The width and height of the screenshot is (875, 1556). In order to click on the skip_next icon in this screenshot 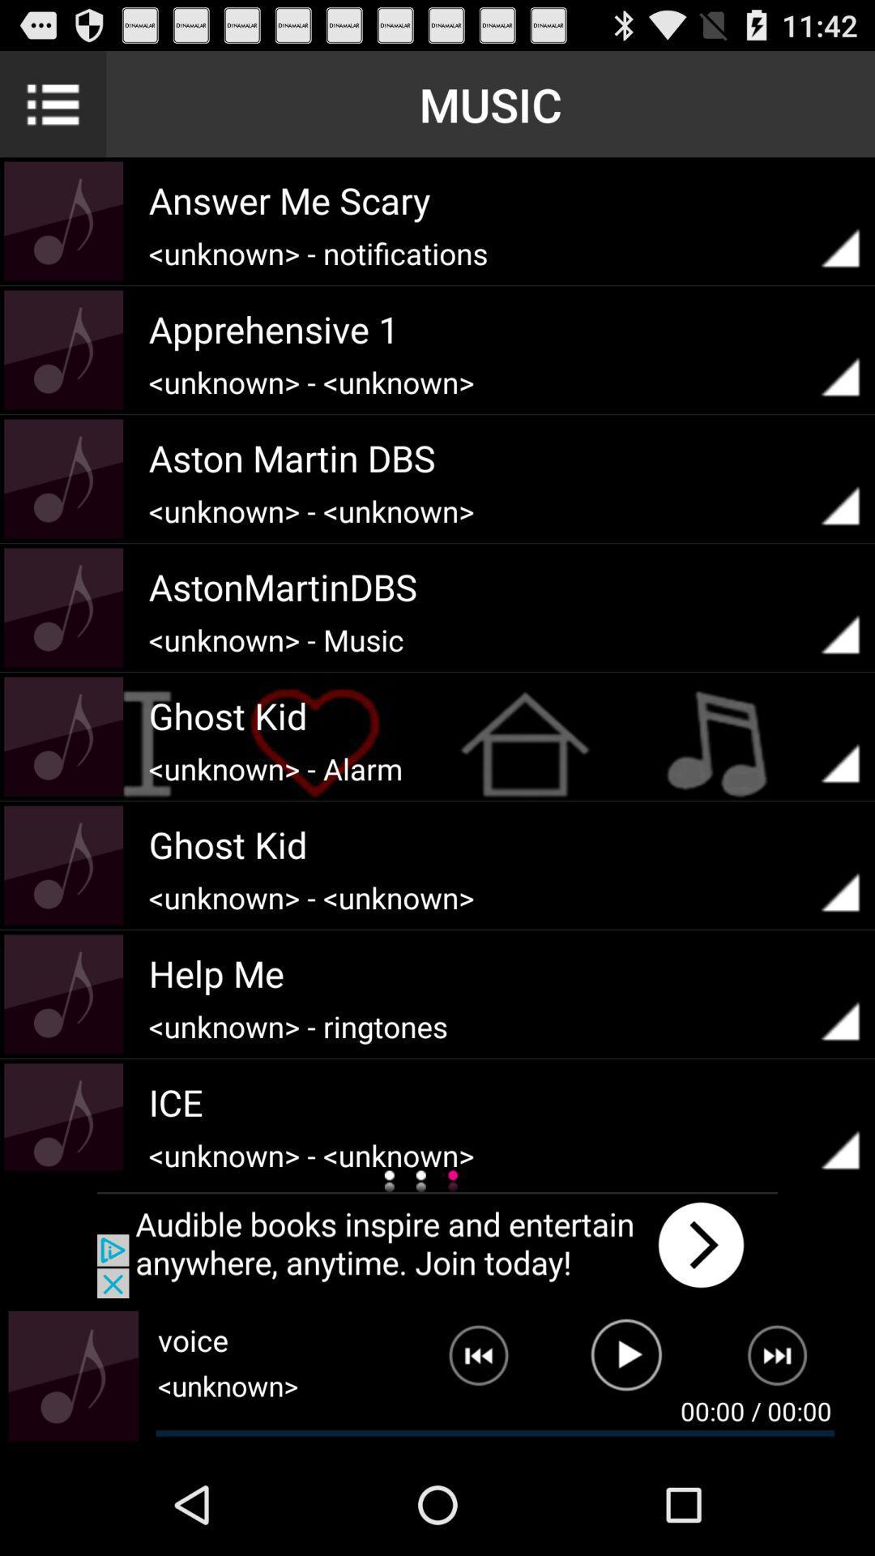, I will do `click(787, 1458)`.